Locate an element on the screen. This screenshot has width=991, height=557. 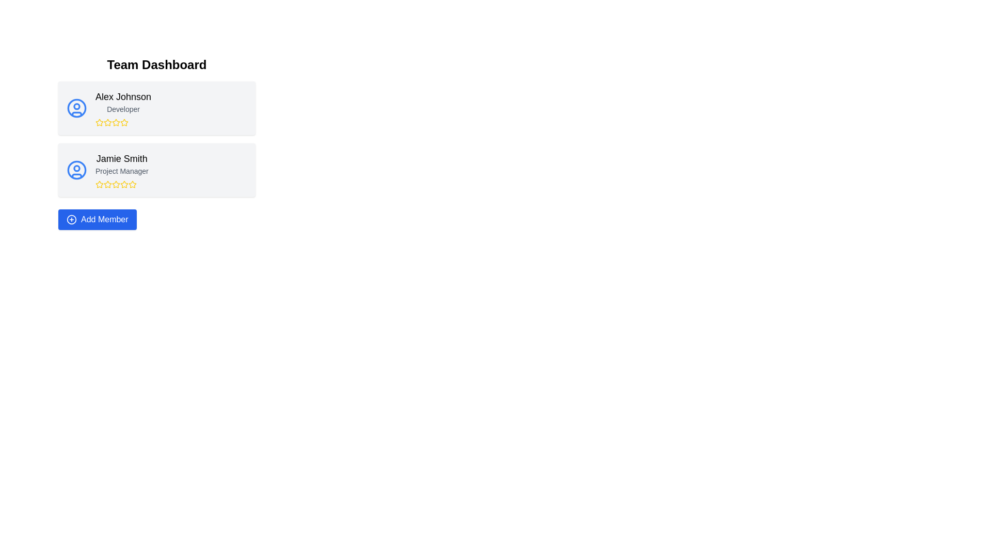
the second yellow star icon is located at coordinates (108, 122).